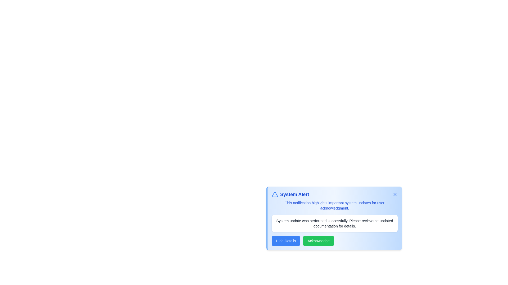  Describe the element at coordinates (318, 241) in the screenshot. I see `the 'Acknowledge' button to acknowledge the notification` at that location.